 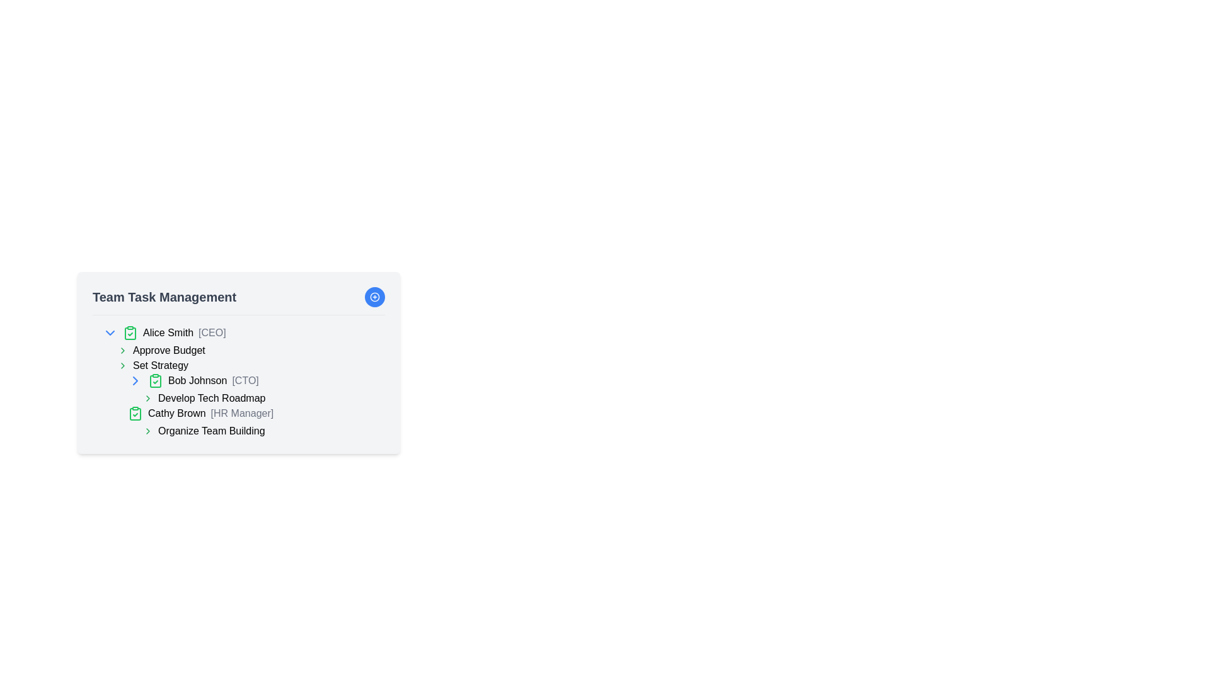 I want to click on the small blue right-facing chevron icon before the text label 'Bob Johnson [CTO]', so click(x=135, y=380).